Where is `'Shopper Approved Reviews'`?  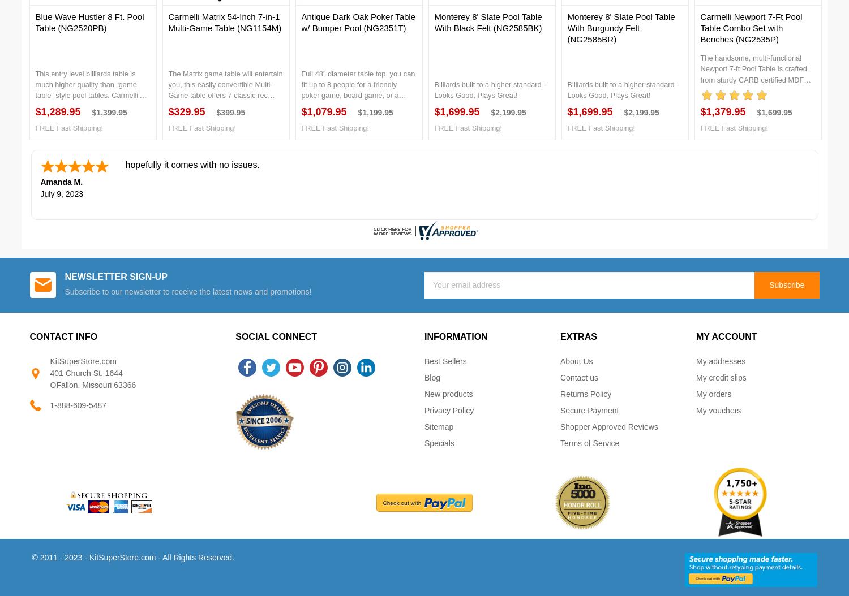 'Shopper Approved Reviews' is located at coordinates (608, 426).